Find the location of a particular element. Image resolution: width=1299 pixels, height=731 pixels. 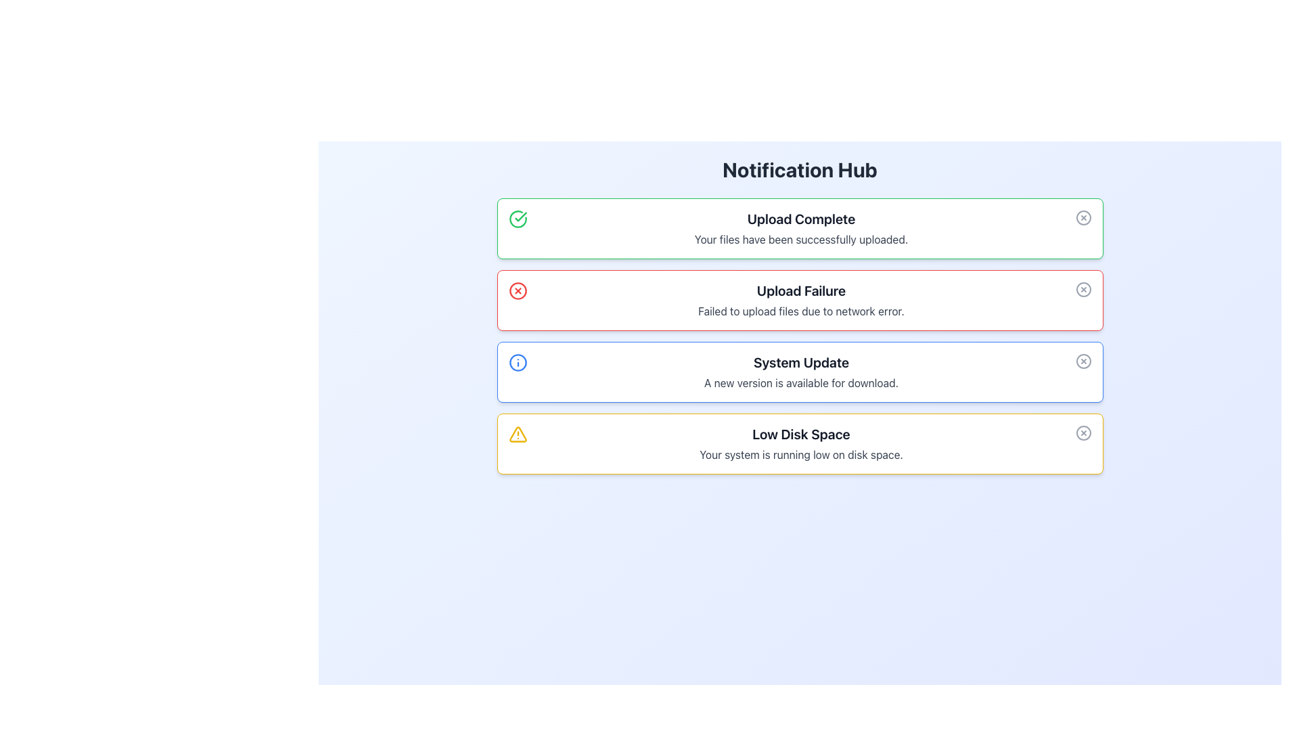

the SVG graphic element is located at coordinates (1083, 217).